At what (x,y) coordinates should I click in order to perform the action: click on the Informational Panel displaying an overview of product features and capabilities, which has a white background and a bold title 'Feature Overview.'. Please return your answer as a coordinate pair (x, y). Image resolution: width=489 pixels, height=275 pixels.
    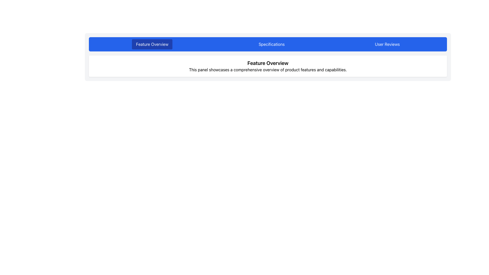
    Looking at the image, I should click on (267, 66).